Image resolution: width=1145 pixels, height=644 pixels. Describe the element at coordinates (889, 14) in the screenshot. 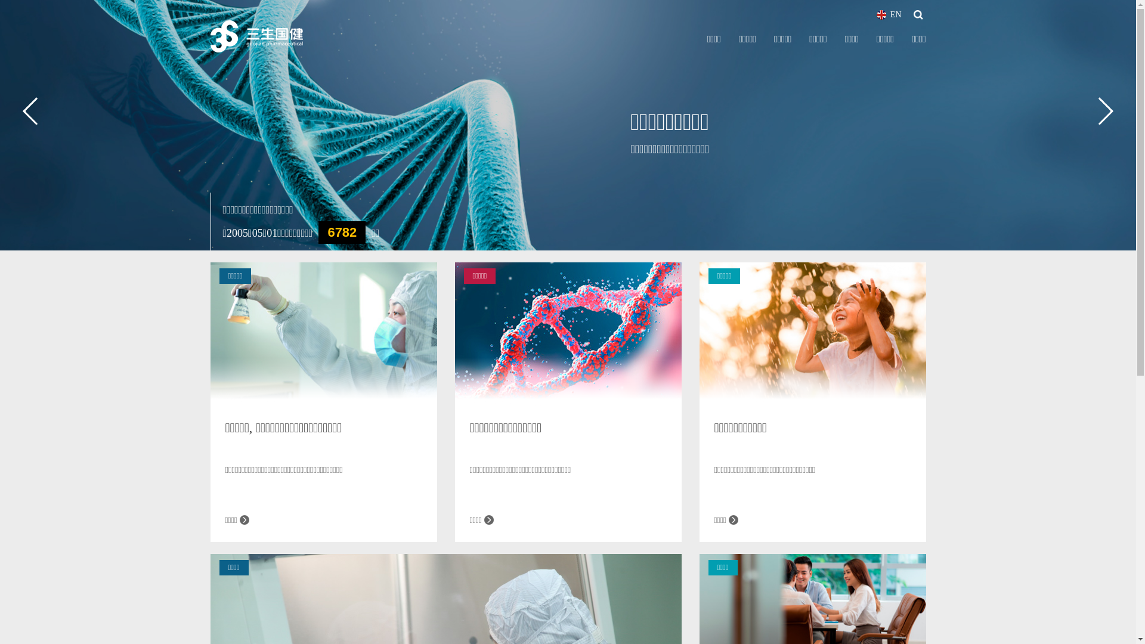

I see `'EN'` at that location.